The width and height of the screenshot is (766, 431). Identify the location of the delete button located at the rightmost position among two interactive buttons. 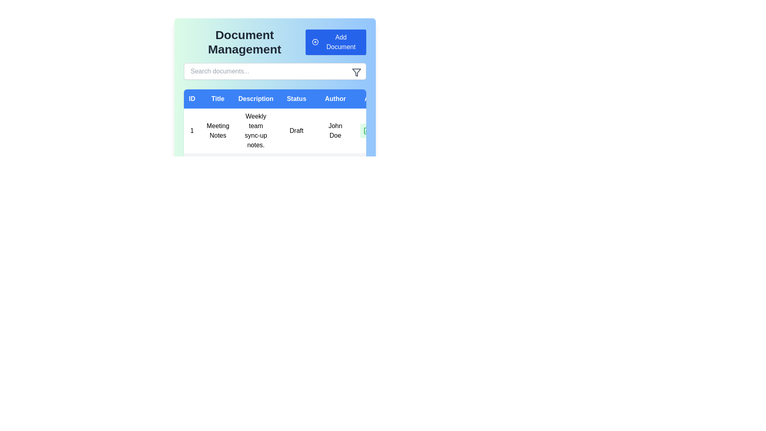
(385, 130).